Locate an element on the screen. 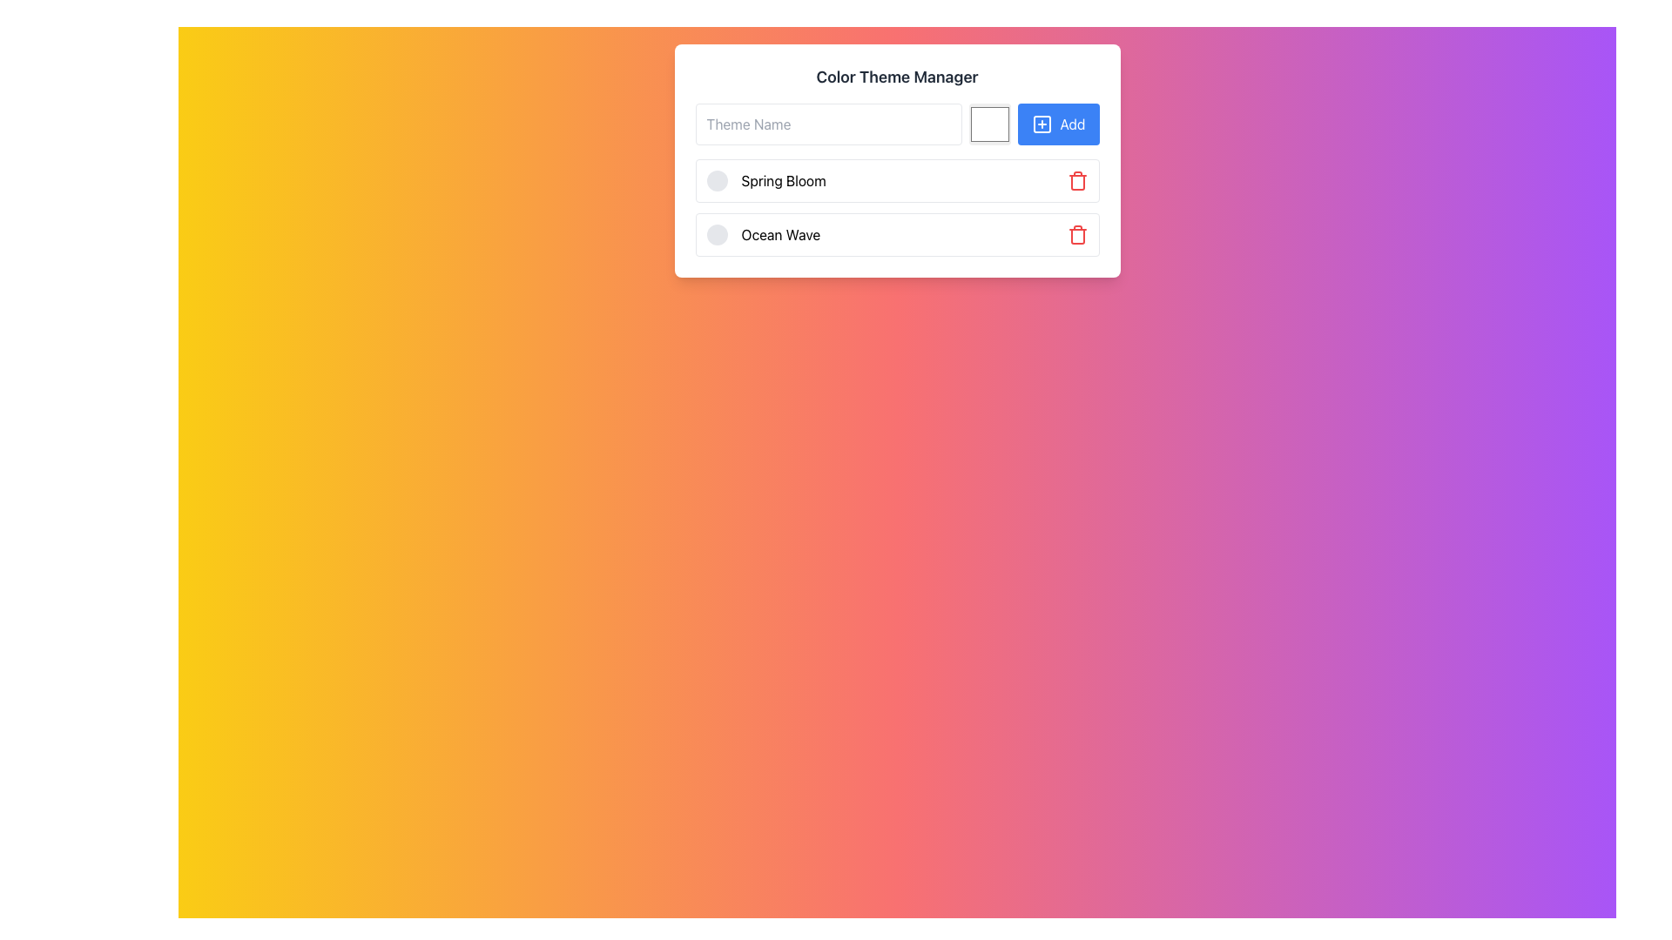  the decorative icon located on the blue 'Add' button in the 'Color Theme Manager' GUI is located at coordinates (1042, 123).